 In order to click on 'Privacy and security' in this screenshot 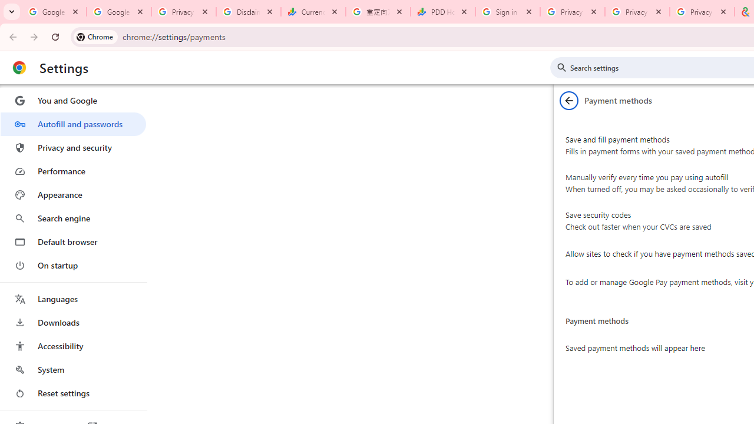, I will do `click(72, 147)`.